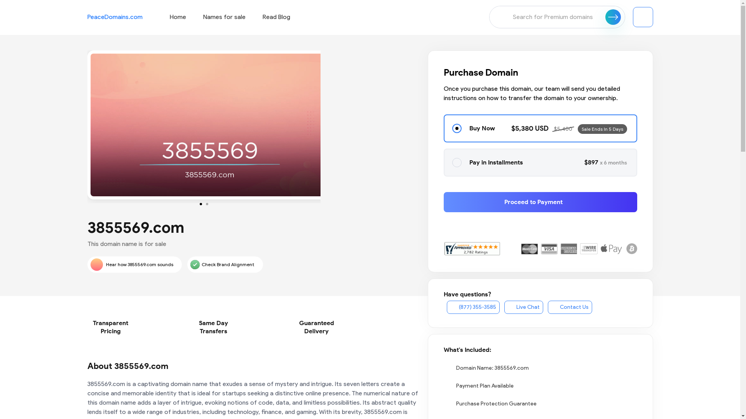  I want to click on '(877) 355-3585', so click(473, 306).